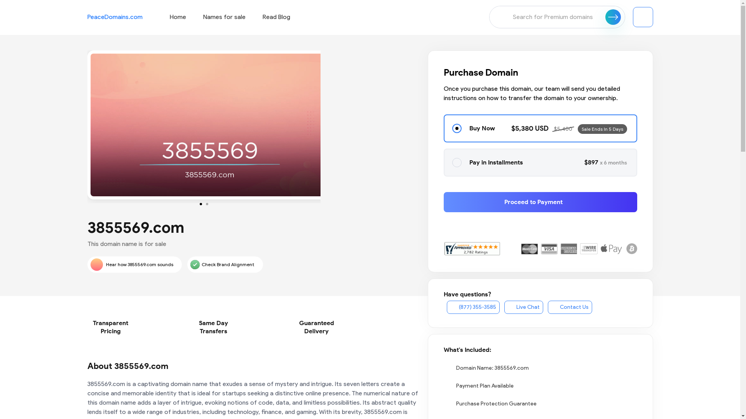  I want to click on '(877) 355-3585', so click(473, 306).